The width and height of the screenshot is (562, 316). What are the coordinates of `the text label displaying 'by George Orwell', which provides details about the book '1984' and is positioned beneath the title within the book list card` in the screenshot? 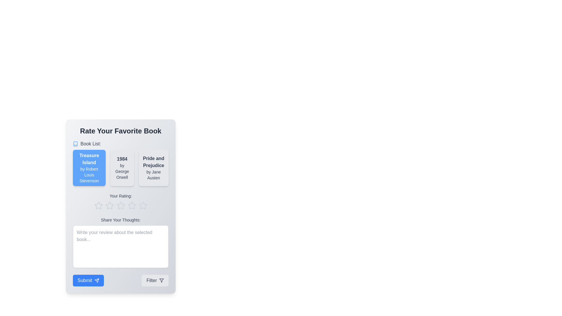 It's located at (122, 171).